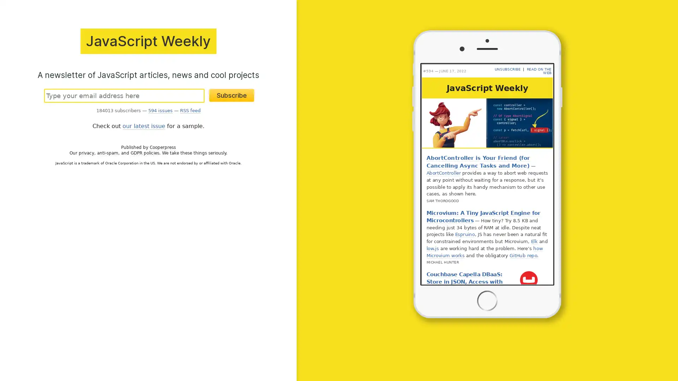 This screenshot has width=678, height=381. Describe the element at coordinates (232, 95) in the screenshot. I see `Subscribe` at that location.